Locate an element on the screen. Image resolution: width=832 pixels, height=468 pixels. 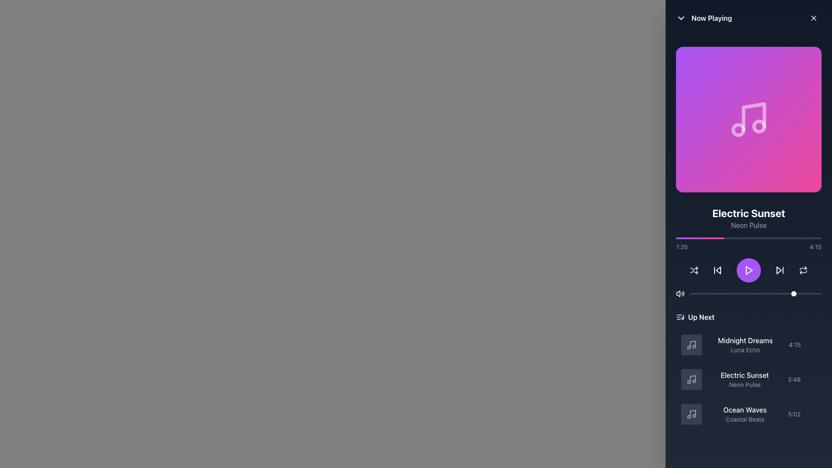
the primary title or name of a song, album, or playlist located below the musical note icon in the music player interface is located at coordinates (748, 213).